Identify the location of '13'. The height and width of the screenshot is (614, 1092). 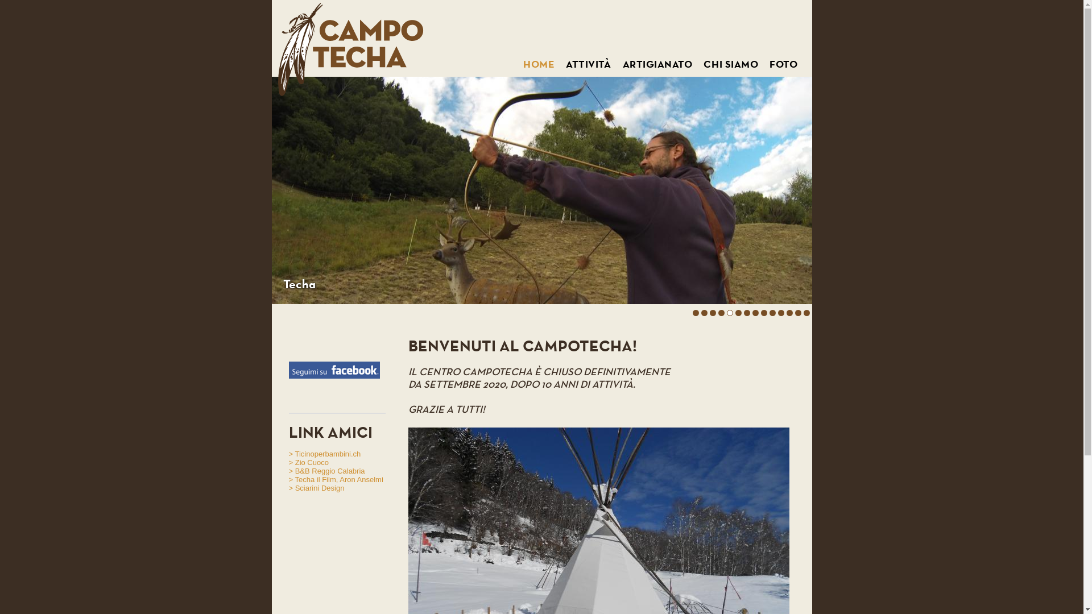
(794, 314).